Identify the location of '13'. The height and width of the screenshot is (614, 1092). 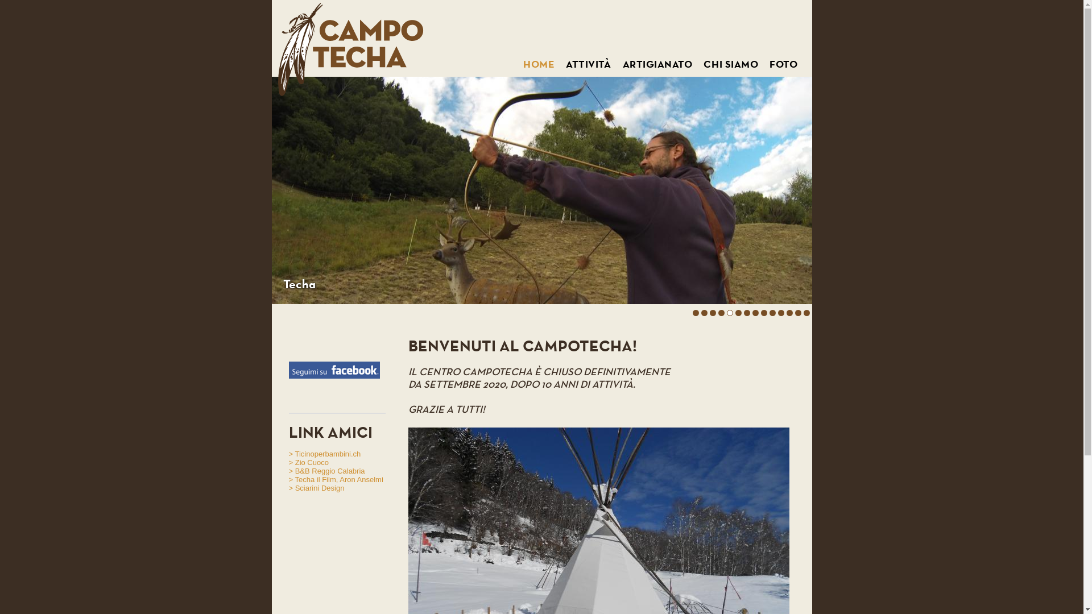
(794, 314).